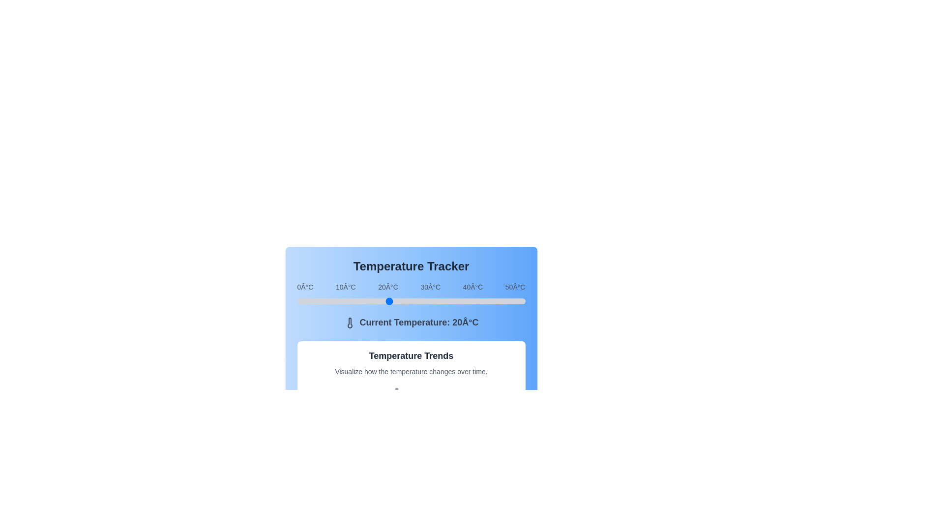 The image size is (944, 531). What do you see at coordinates (350, 323) in the screenshot?
I see `the thermometer icon to highlight it` at bounding box center [350, 323].